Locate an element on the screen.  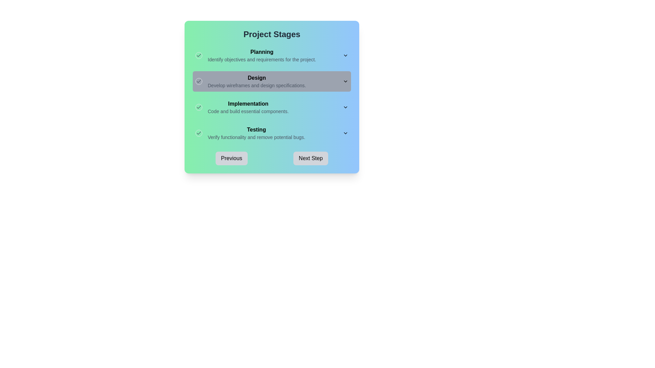
the downward-pointing chevron icon located in the 'Design' section of the 'Project Stages' dialog is located at coordinates (345, 81).